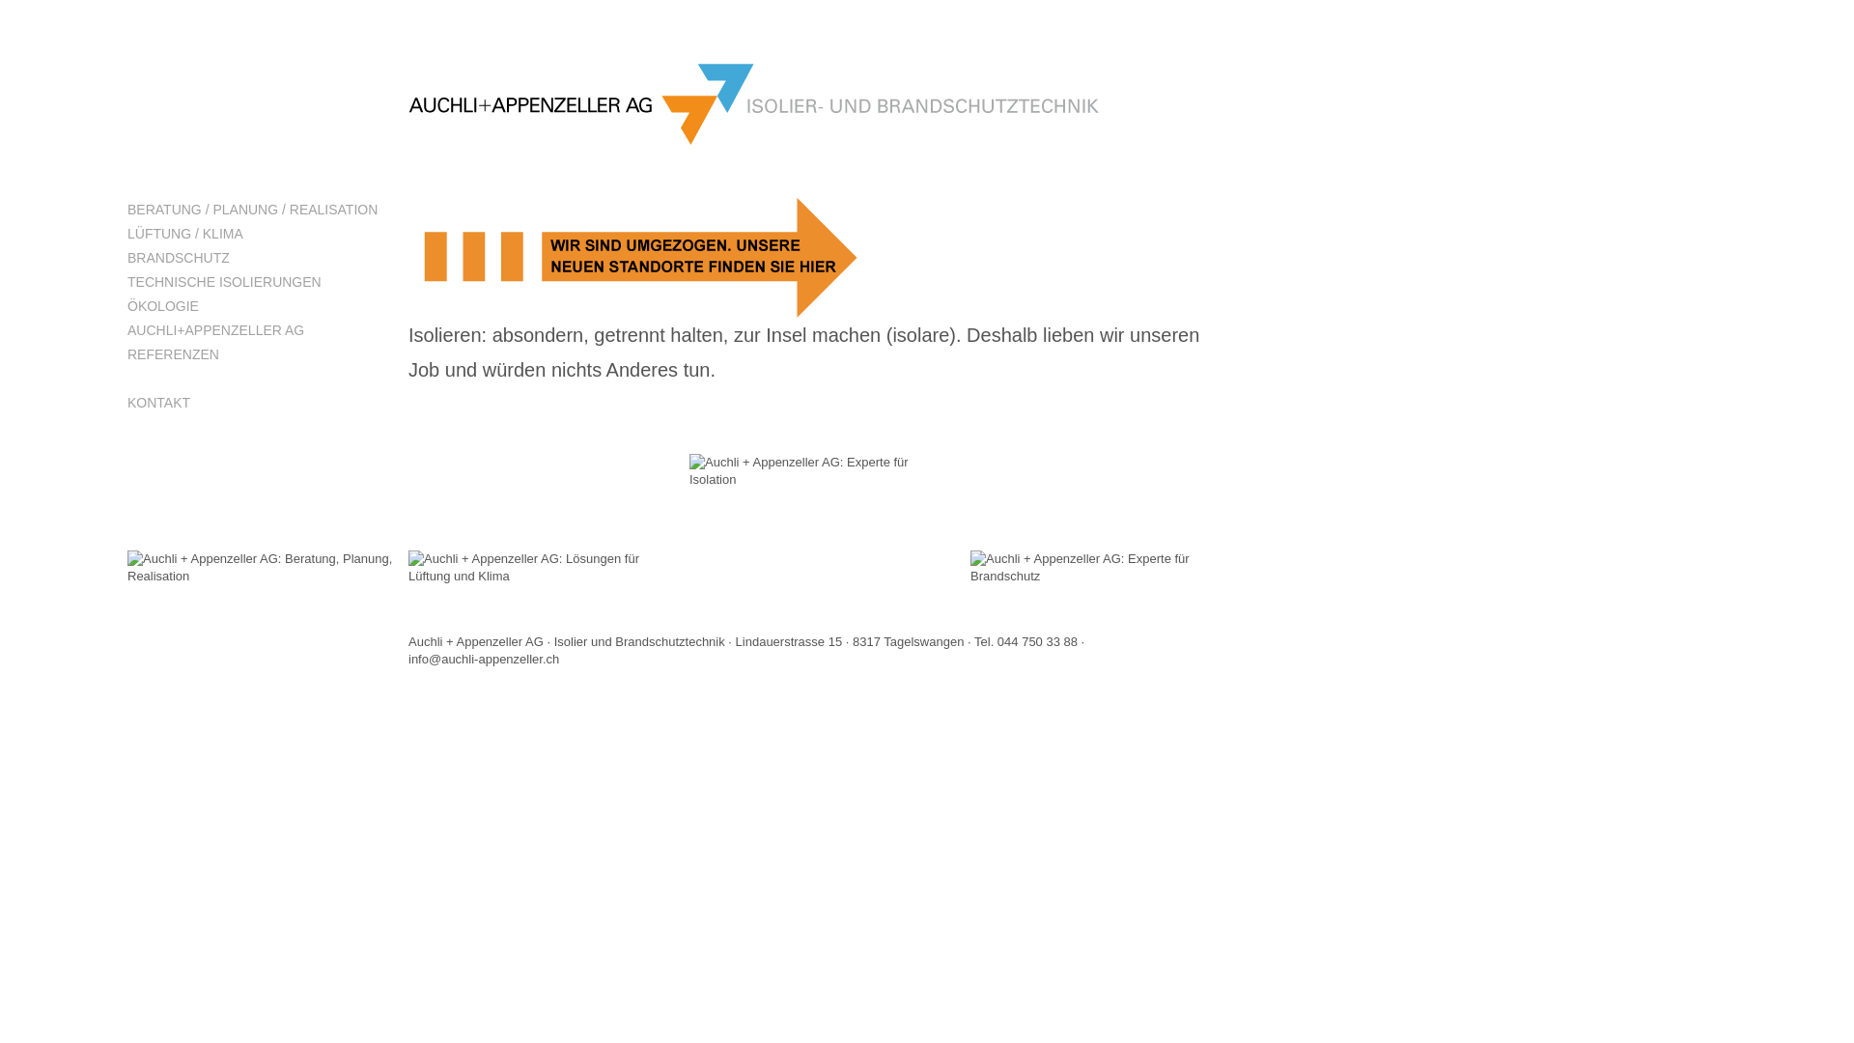 This screenshot has height=1043, width=1854. I want to click on 'AUCHLI+APPENZELLER AG', so click(259, 329).